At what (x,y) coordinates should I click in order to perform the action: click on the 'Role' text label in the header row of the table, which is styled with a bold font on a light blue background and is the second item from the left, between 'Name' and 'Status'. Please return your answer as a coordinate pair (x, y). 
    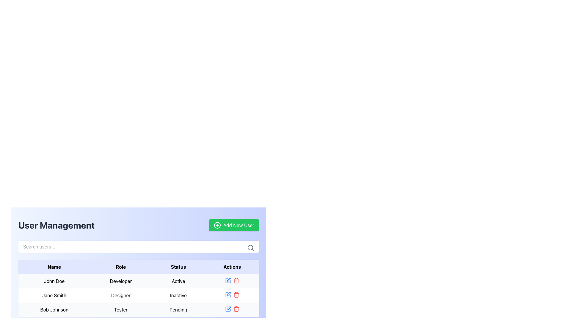
    Looking at the image, I should click on (120, 267).